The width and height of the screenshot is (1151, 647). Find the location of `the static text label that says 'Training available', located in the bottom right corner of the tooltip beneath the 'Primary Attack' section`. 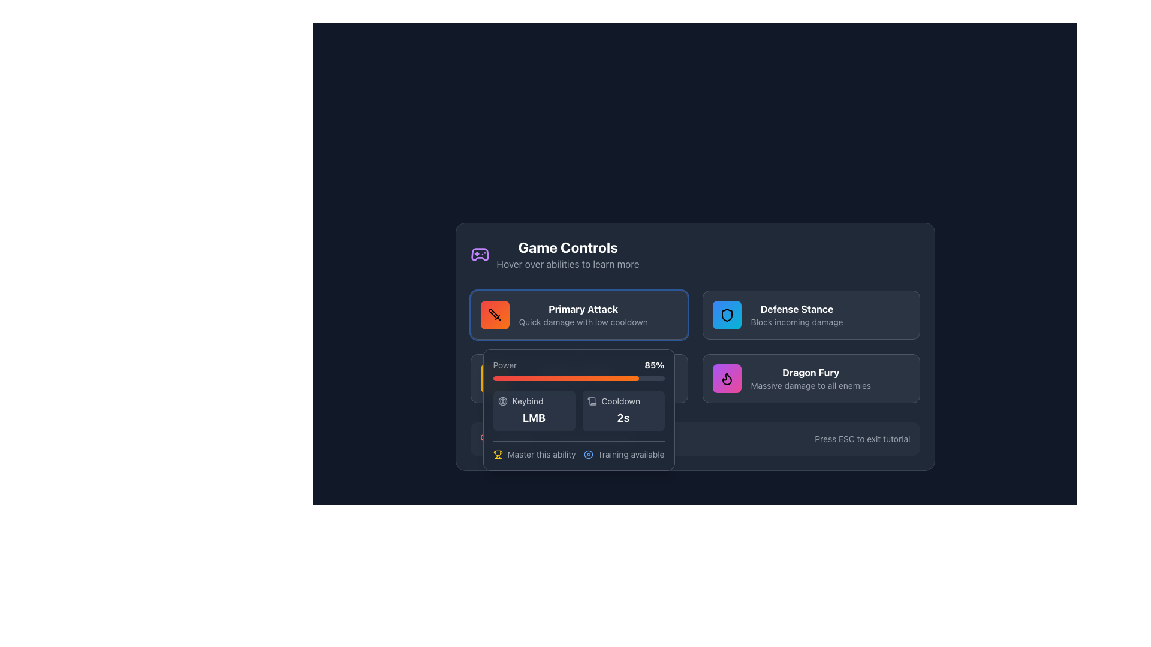

the static text label that says 'Training available', located in the bottom right corner of the tooltip beneath the 'Primary Attack' section is located at coordinates (631, 455).